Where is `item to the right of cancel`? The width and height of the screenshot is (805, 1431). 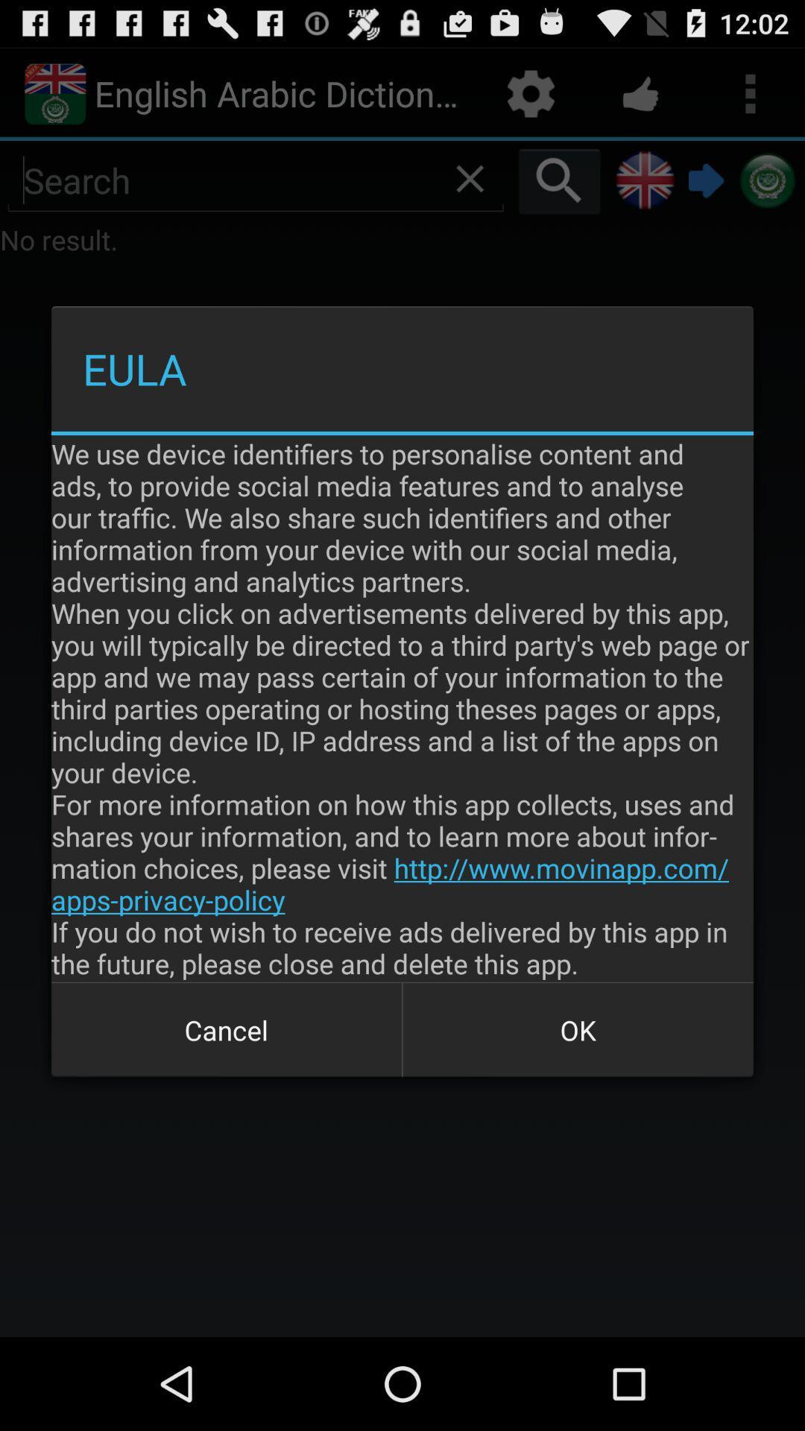
item to the right of cancel is located at coordinates (577, 1029).